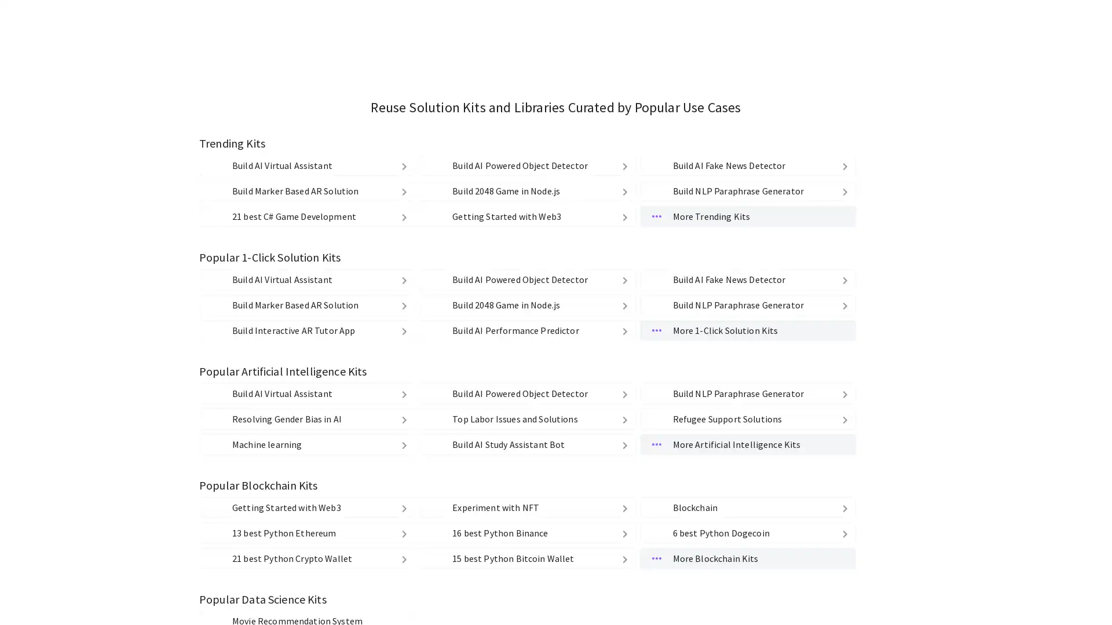 The width and height of the screenshot is (1112, 625). I want to click on getting-started-with-web3 Getting Started with Web3, so click(526, 506).